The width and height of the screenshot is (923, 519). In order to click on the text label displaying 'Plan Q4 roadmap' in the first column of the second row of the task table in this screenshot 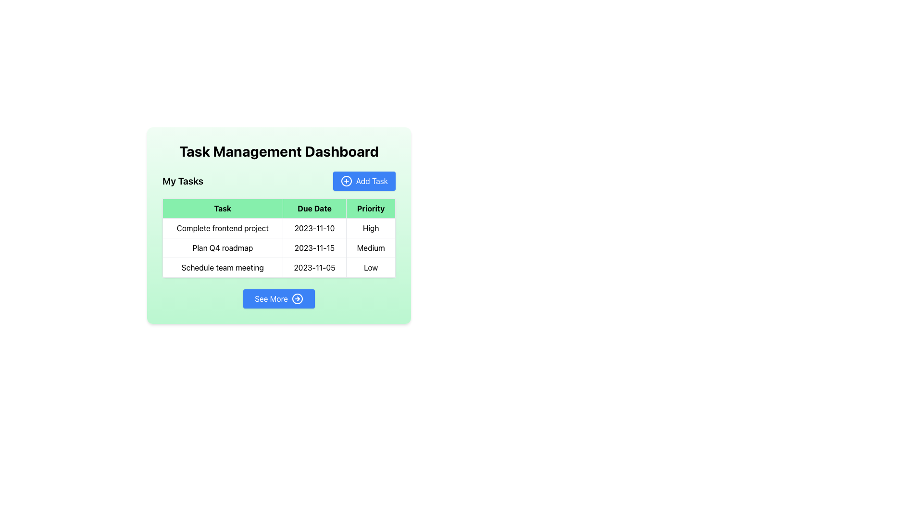, I will do `click(222, 247)`.